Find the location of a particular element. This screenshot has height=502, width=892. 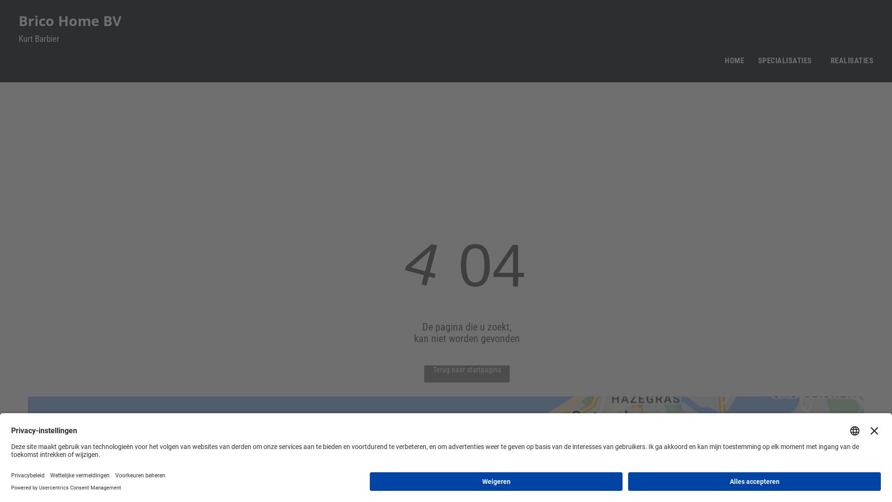

'HOME' is located at coordinates (734, 60).